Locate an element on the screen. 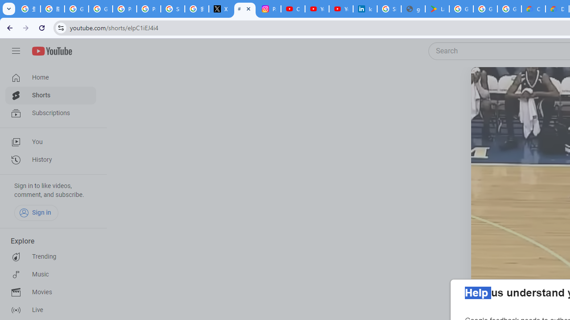 The height and width of the screenshot is (320, 570). 'Home' is located at coordinates (50, 77).